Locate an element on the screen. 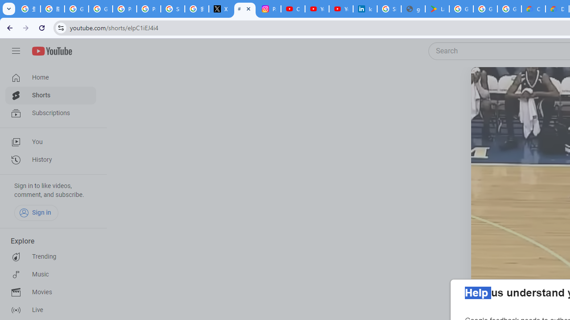 The height and width of the screenshot is (320, 570). 'Home' is located at coordinates (50, 77).